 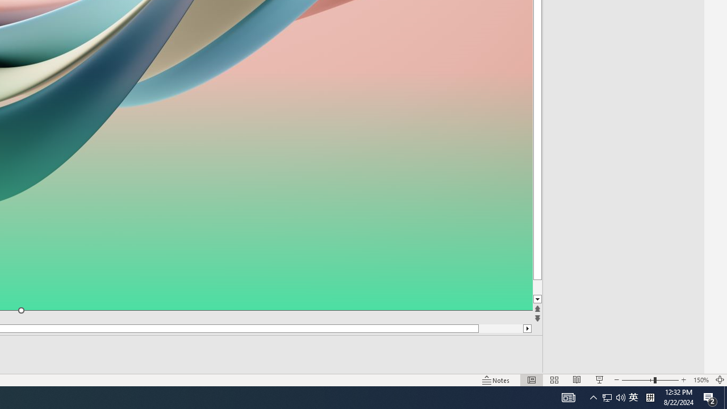 I want to click on 'Zoom In', so click(x=683, y=380).